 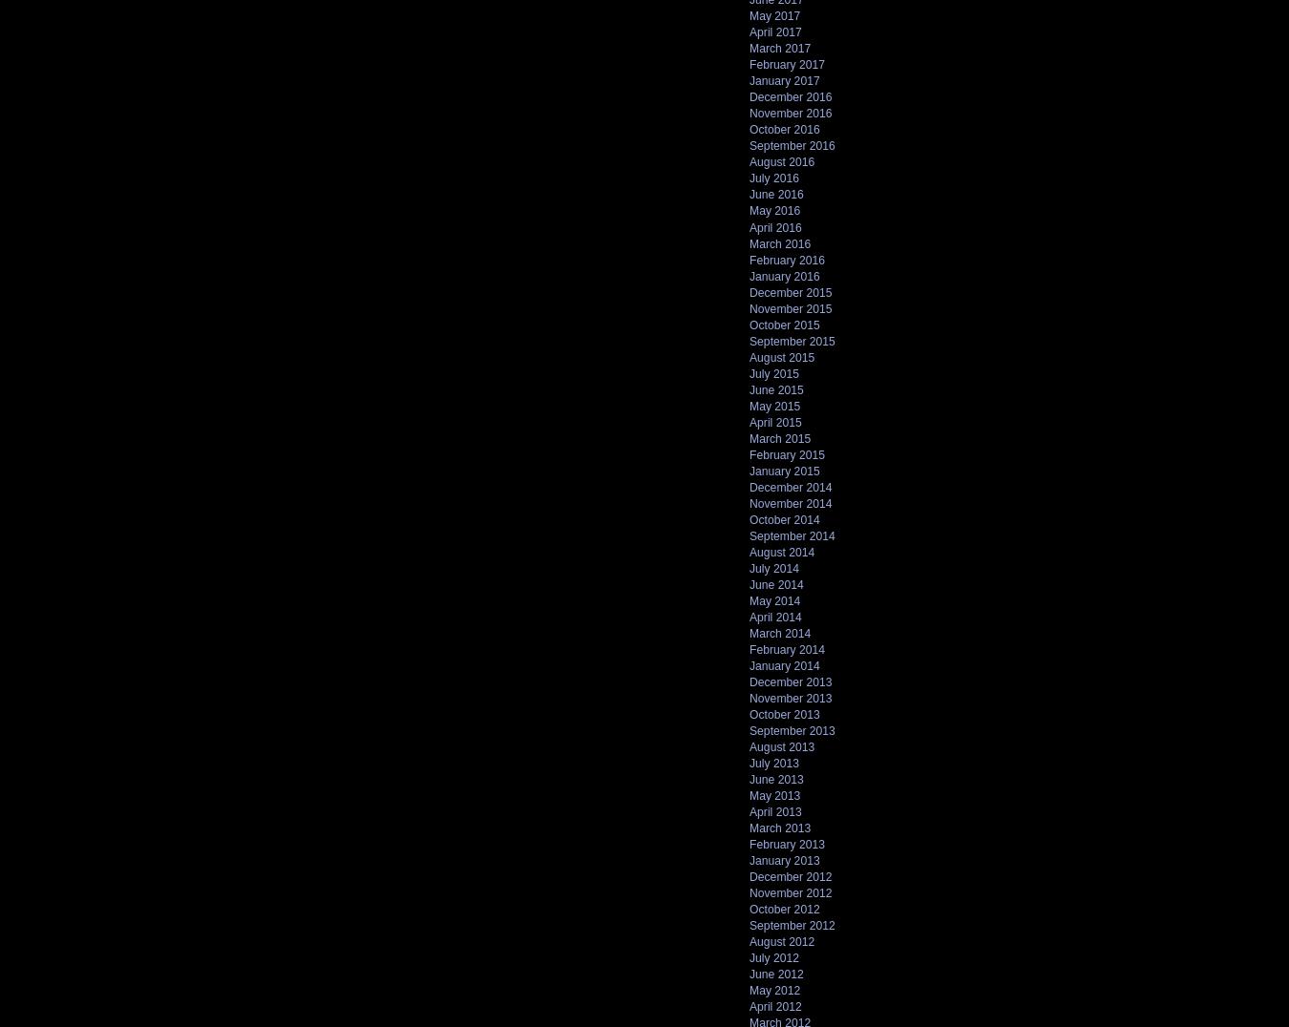 What do you see at coordinates (780, 243) in the screenshot?
I see `'March 2016'` at bounding box center [780, 243].